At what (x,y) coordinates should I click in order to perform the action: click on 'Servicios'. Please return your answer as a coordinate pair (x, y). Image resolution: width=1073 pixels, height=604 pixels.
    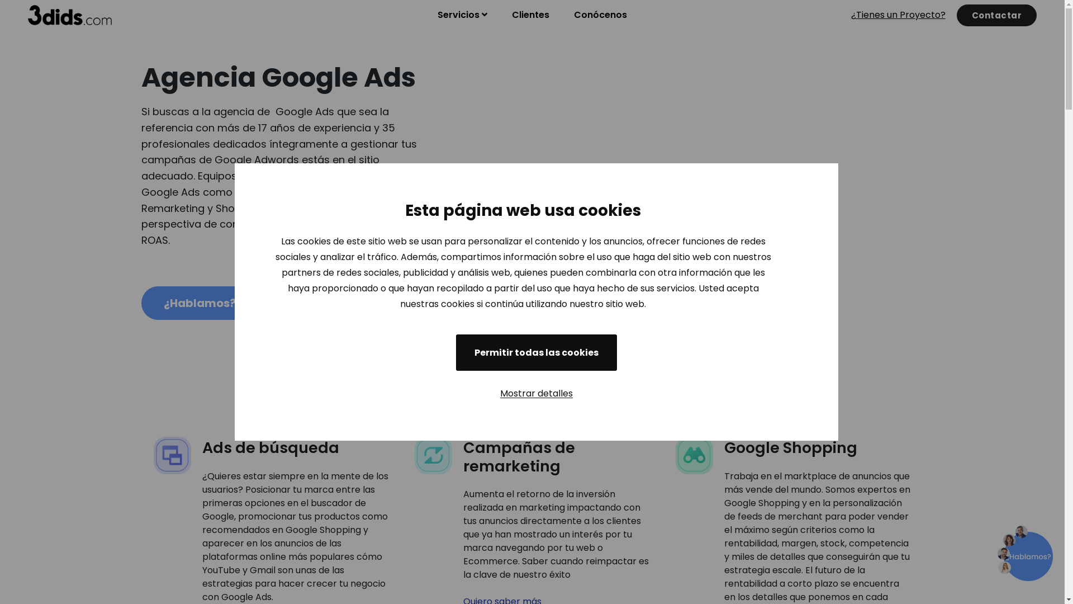
    Looking at the image, I should click on (462, 15).